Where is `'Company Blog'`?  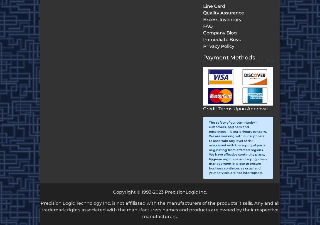 'Company Blog' is located at coordinates (220, 33).